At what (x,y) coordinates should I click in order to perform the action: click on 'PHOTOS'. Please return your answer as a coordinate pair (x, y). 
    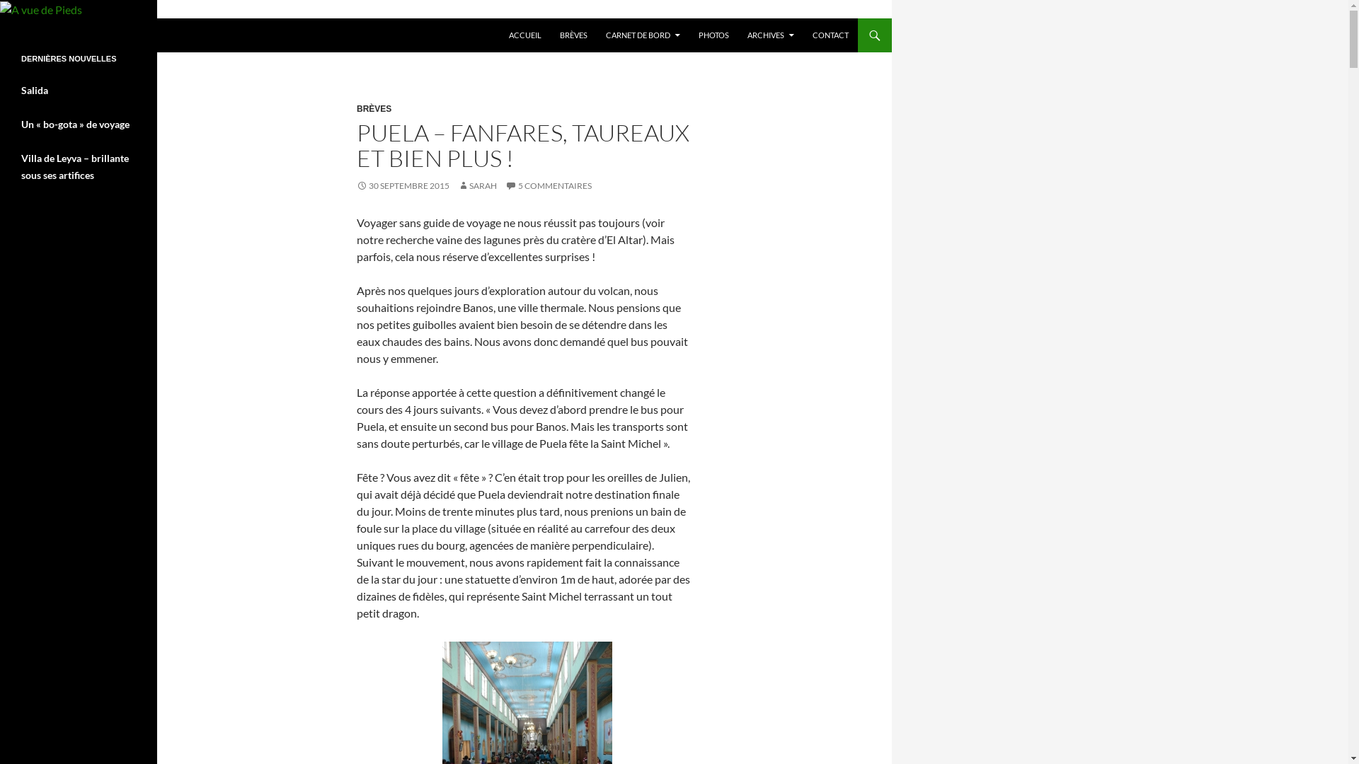
    Looking at the image, I should click on (713, 35).